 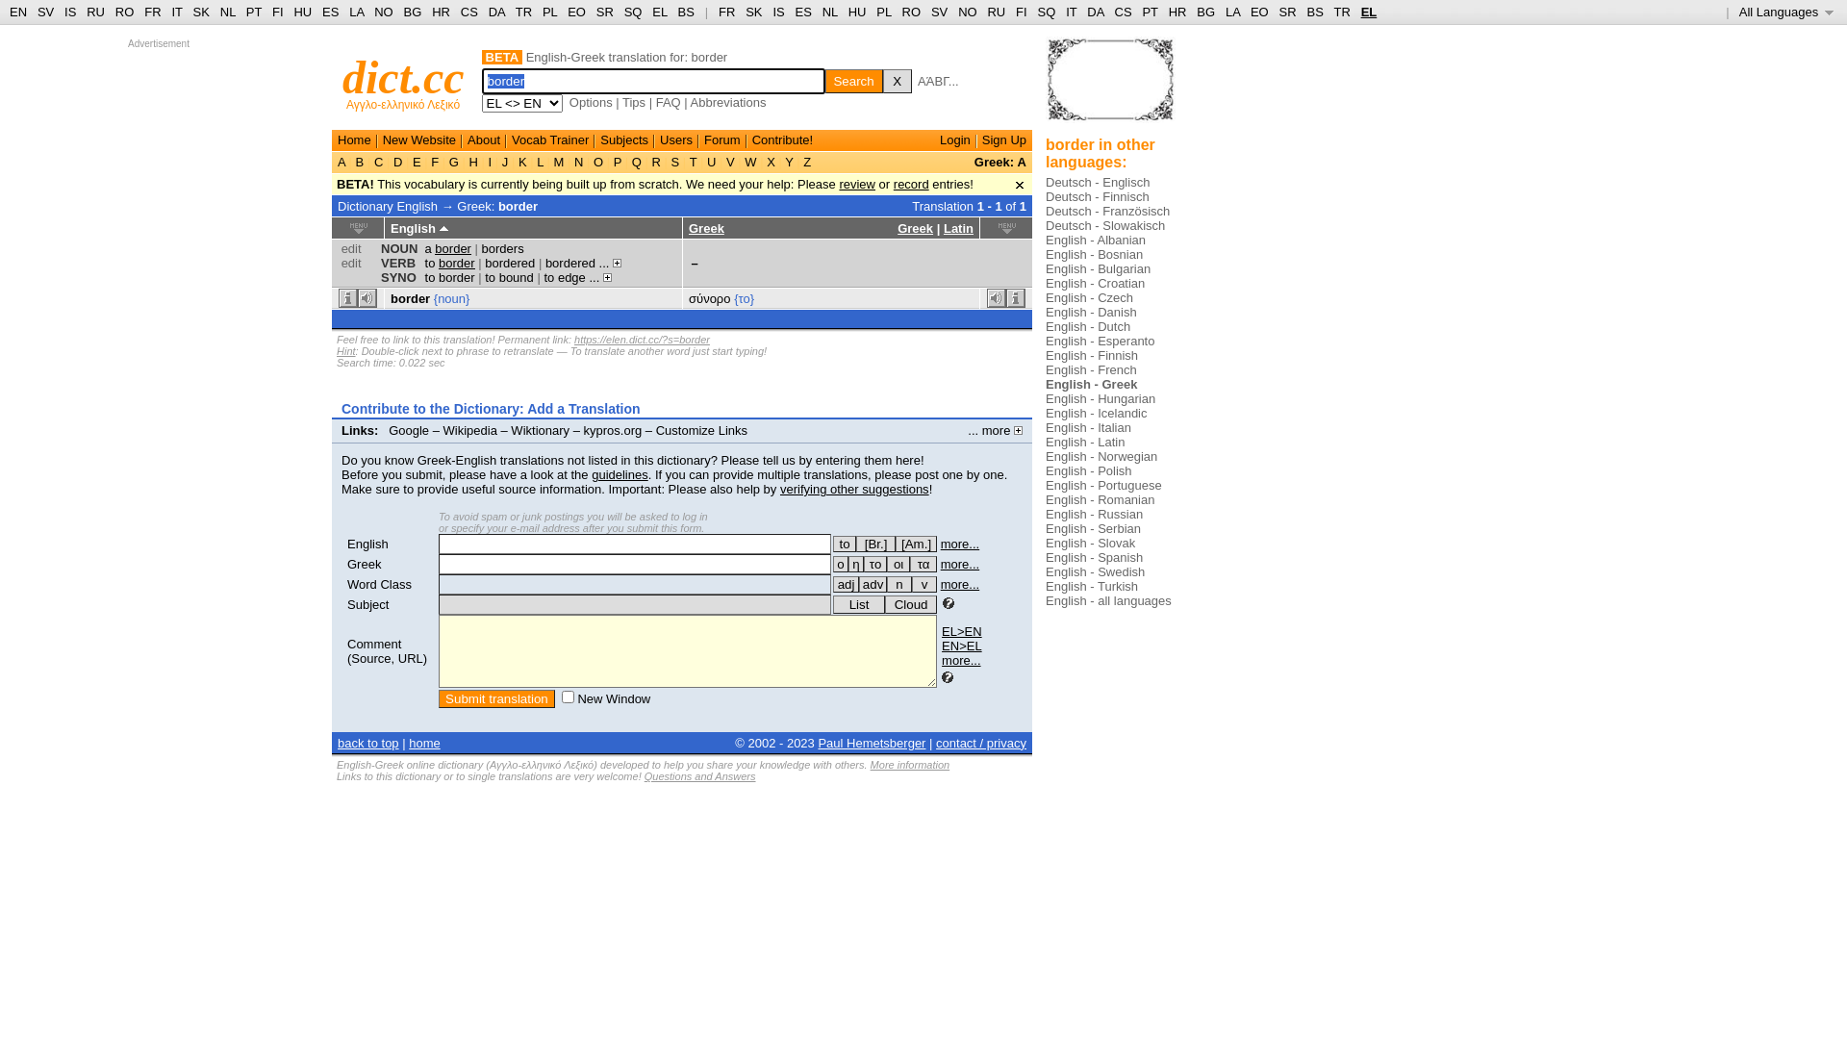 I want to click on 'English - Serbian', so click(x=1093, y=528).